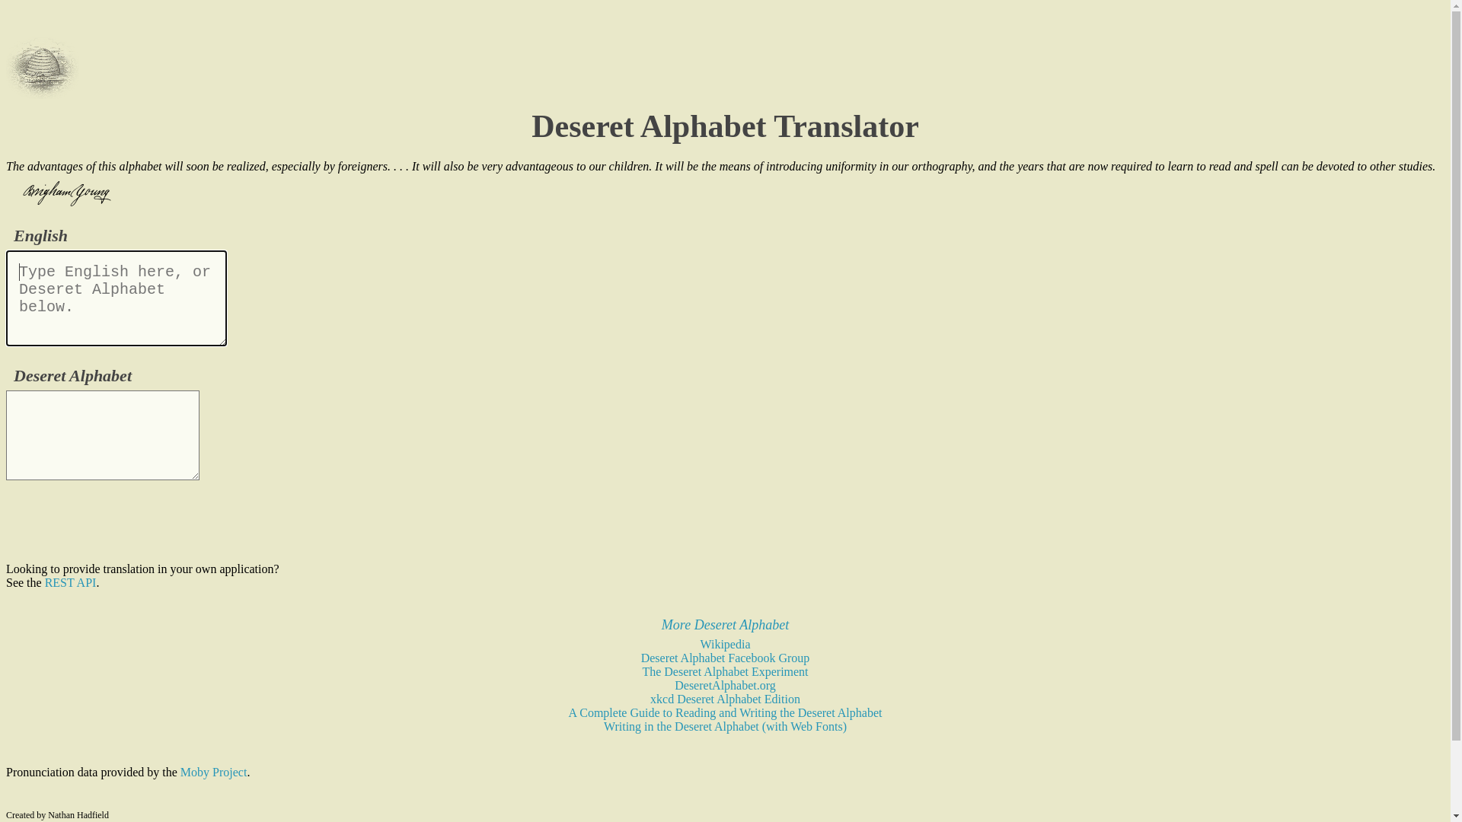  I want to click on 'A Complete Guide to Reading and Writing the Deseret Alphabet', so click(568, 712).